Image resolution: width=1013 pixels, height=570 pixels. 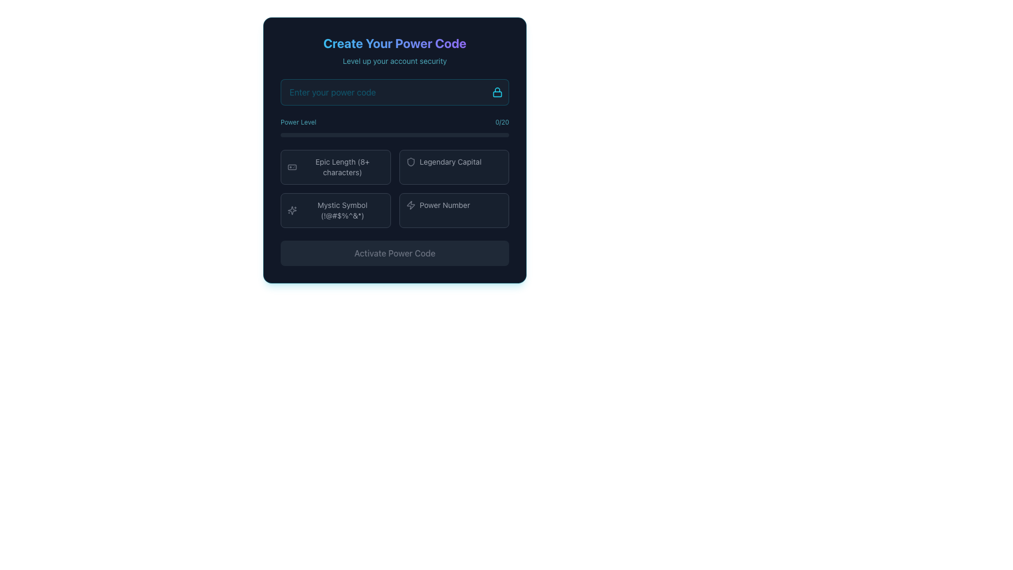 I want to click on the informational label with the icon that resembles a star-like shape and displays the text 'Mystic Symbol (!@#$%^&*)', so click(x=335, y=210).